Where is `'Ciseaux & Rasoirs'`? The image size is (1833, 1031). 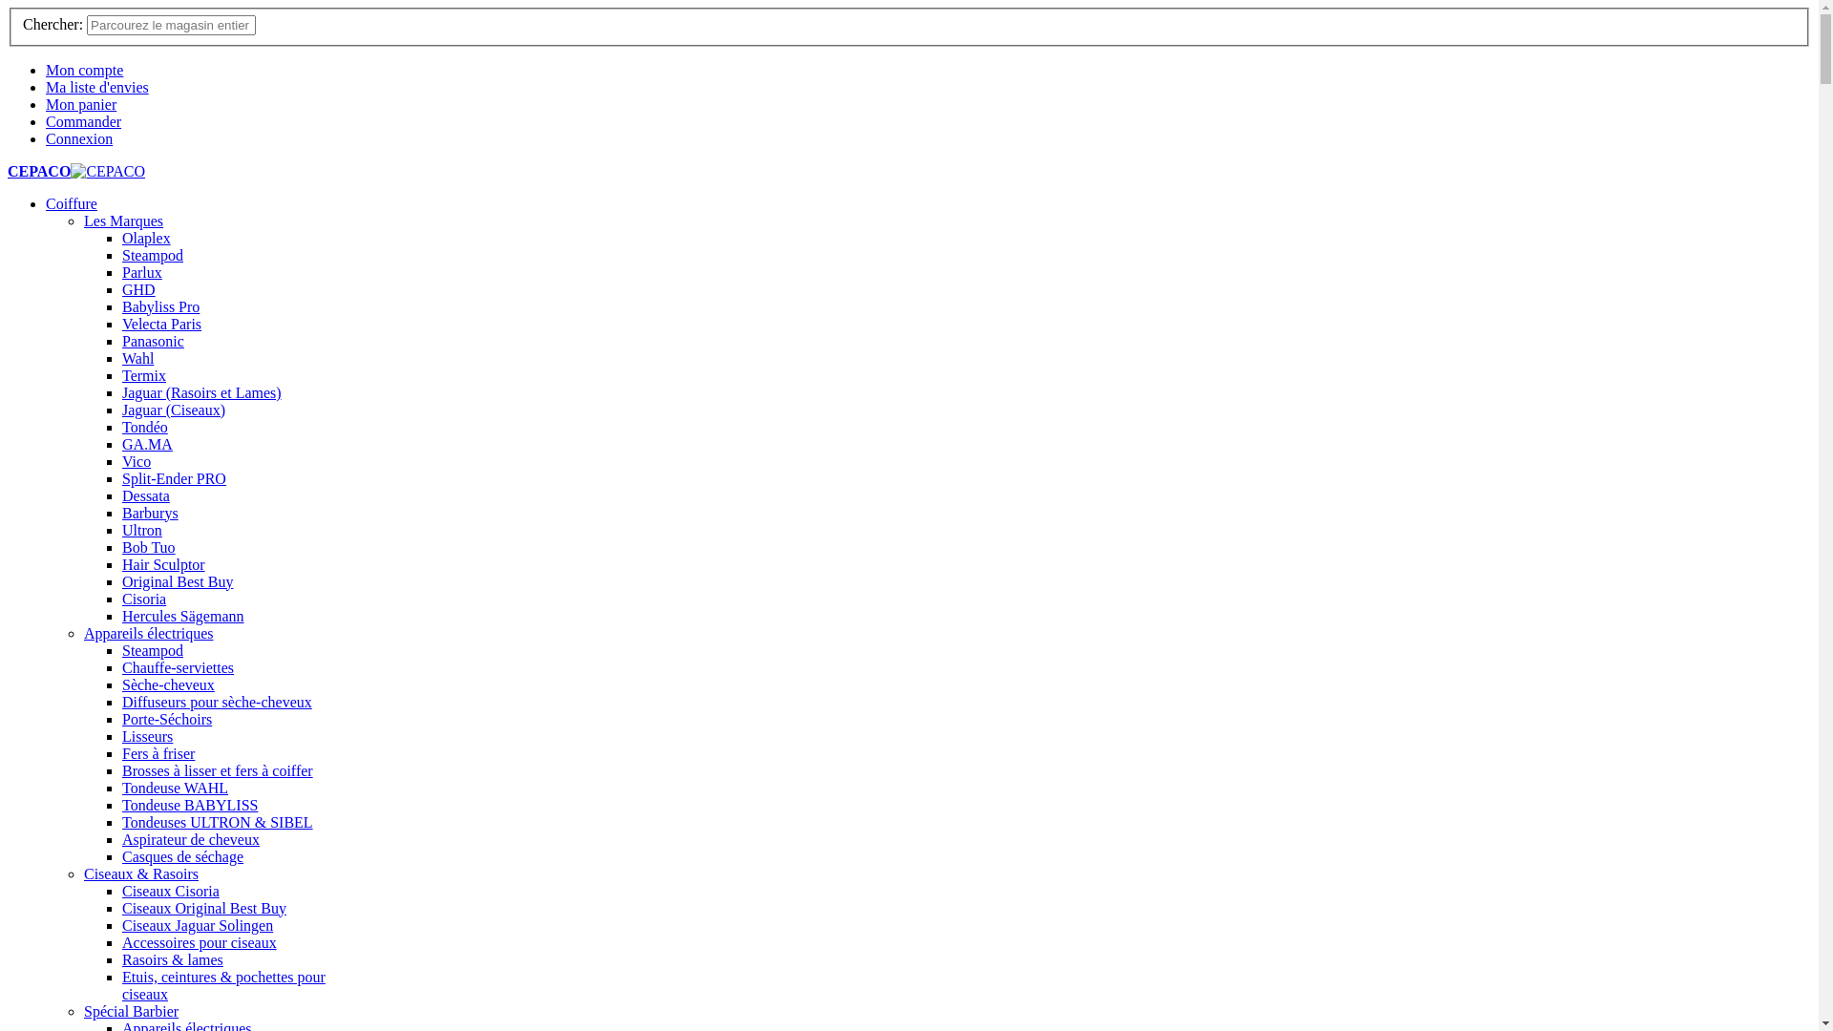
'Ciseaux & Rasoirs' is located at coordinates (140, 873).